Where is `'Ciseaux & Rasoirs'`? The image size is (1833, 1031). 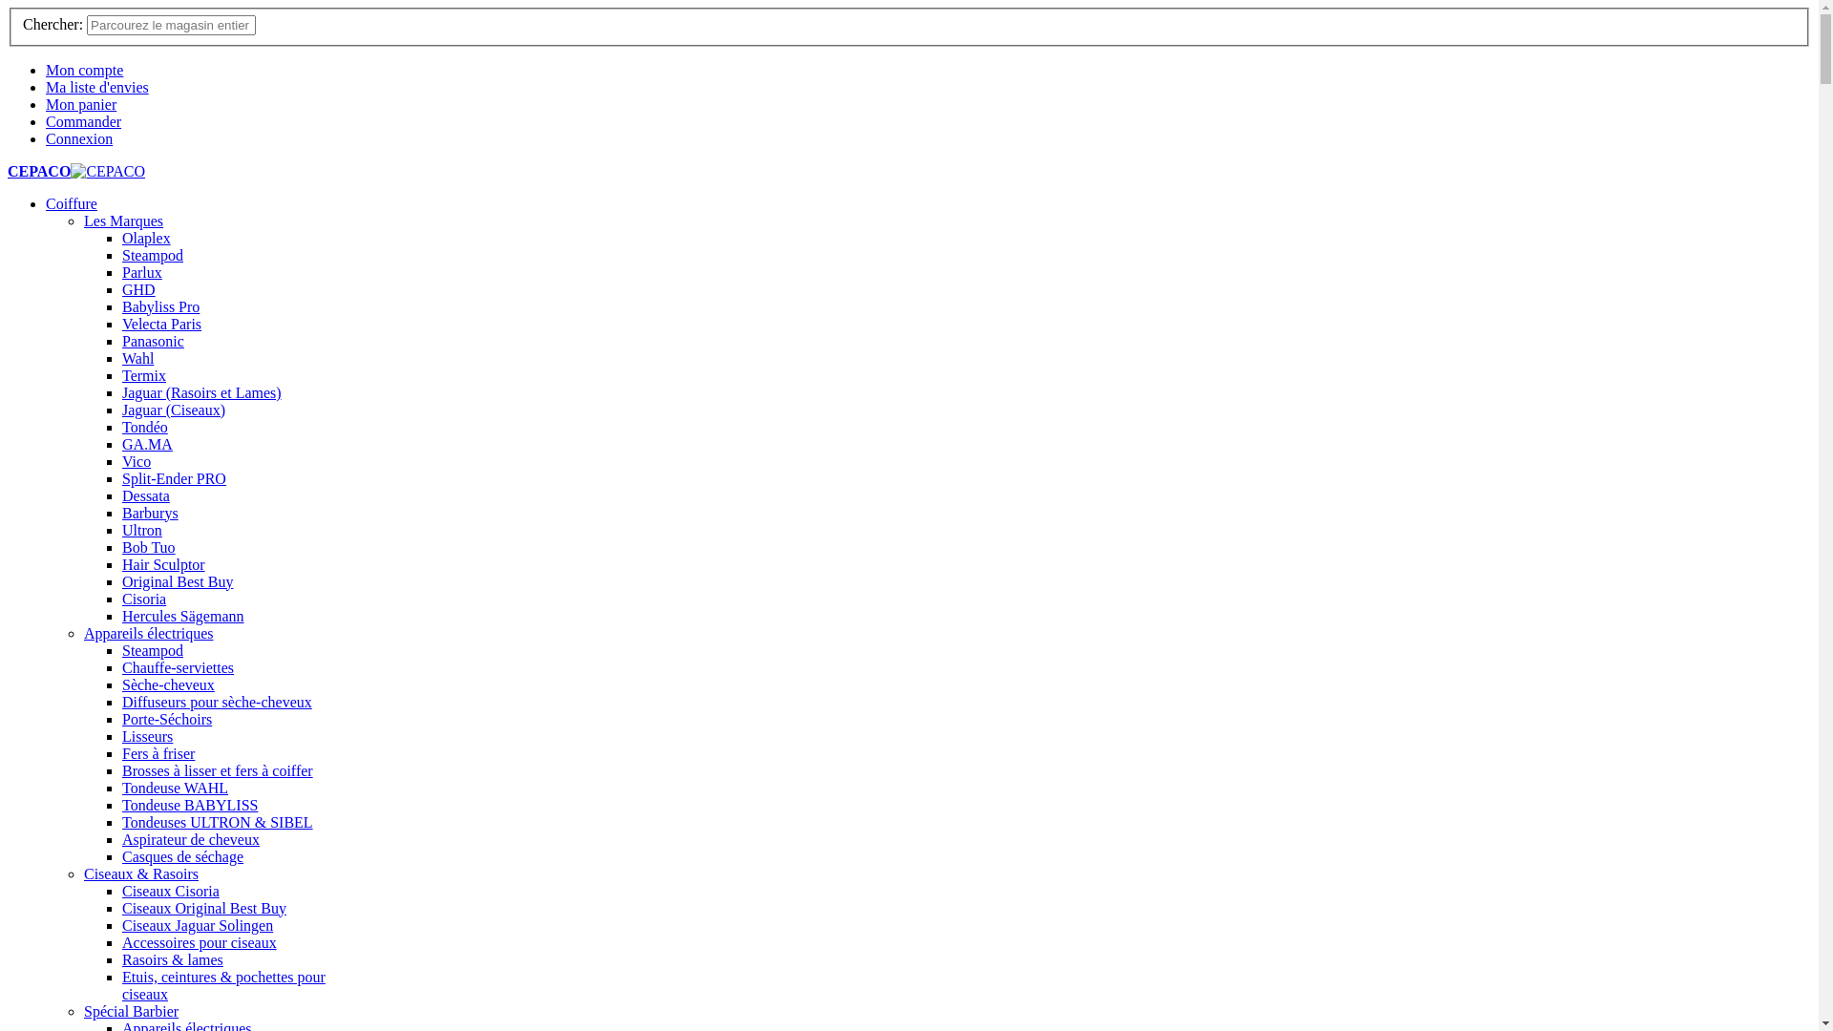
'Ciseaux & Rasoirs' is located at coordinates (140, 873).